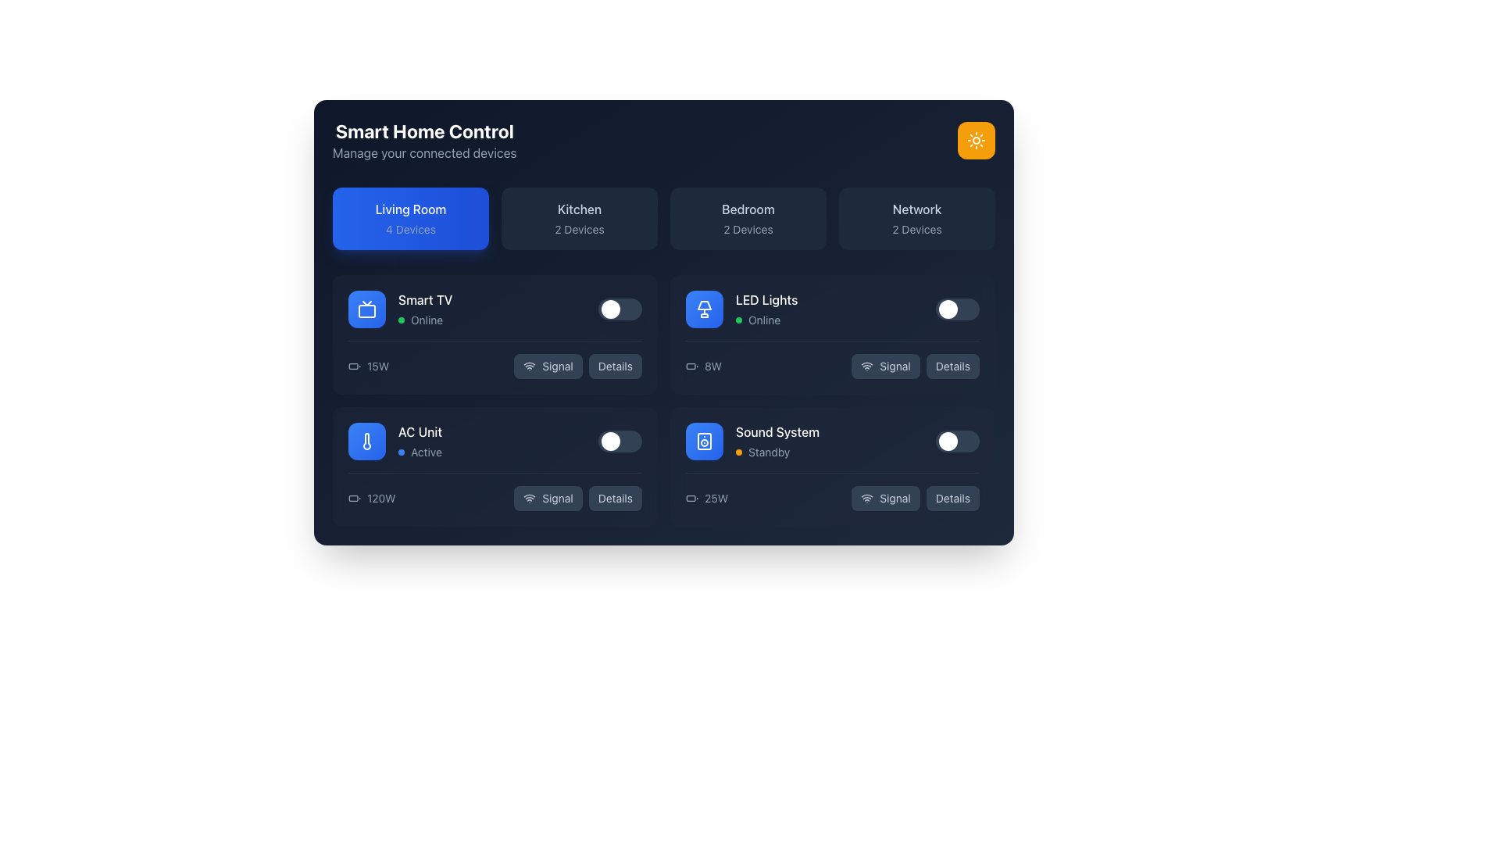  What do you see at coordinates (975, 141) in the screenshot?
I see `the button located in the top-right corner of the 'Smart Home Control' interface` at bounding box center [975, 141].